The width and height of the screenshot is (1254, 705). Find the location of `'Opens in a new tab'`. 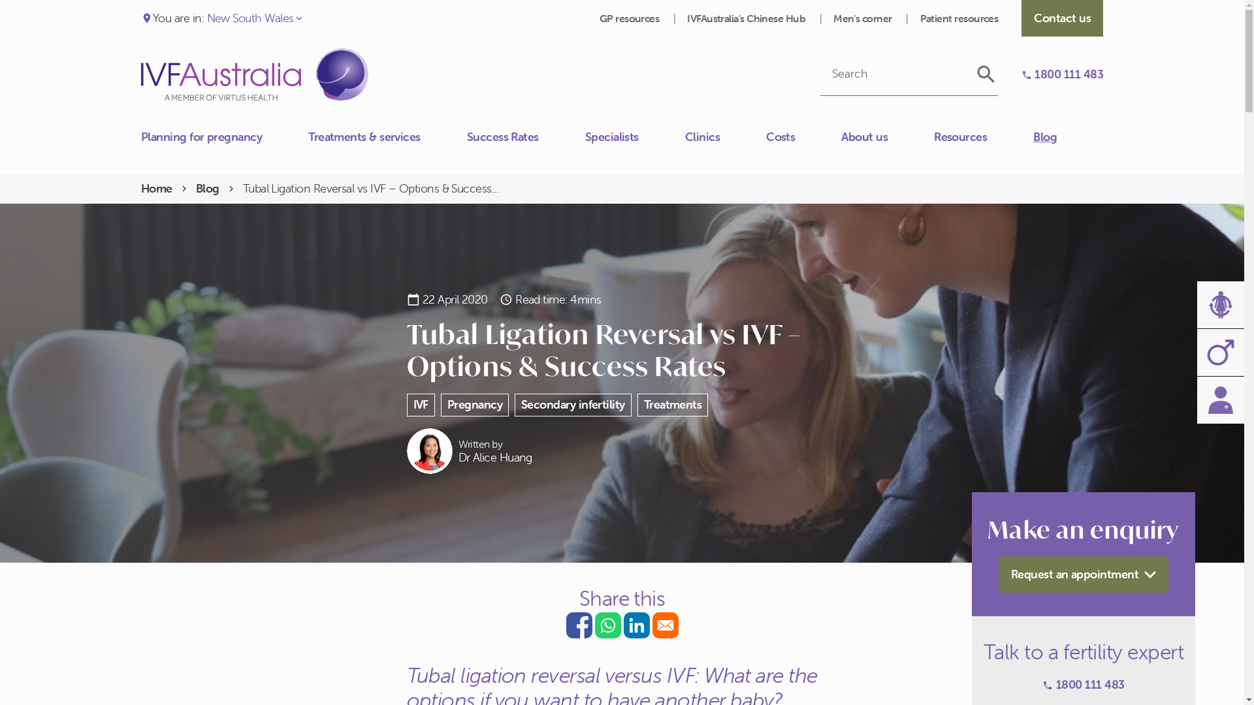

'Opens in a new tab' is located at coordinates (578, 624).